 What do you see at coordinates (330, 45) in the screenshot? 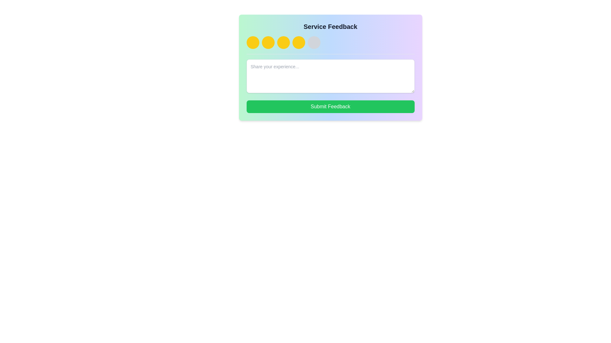
I see `across the rating circles located beneath the 'Service Feedback' header` at bounding box center [330, 45].